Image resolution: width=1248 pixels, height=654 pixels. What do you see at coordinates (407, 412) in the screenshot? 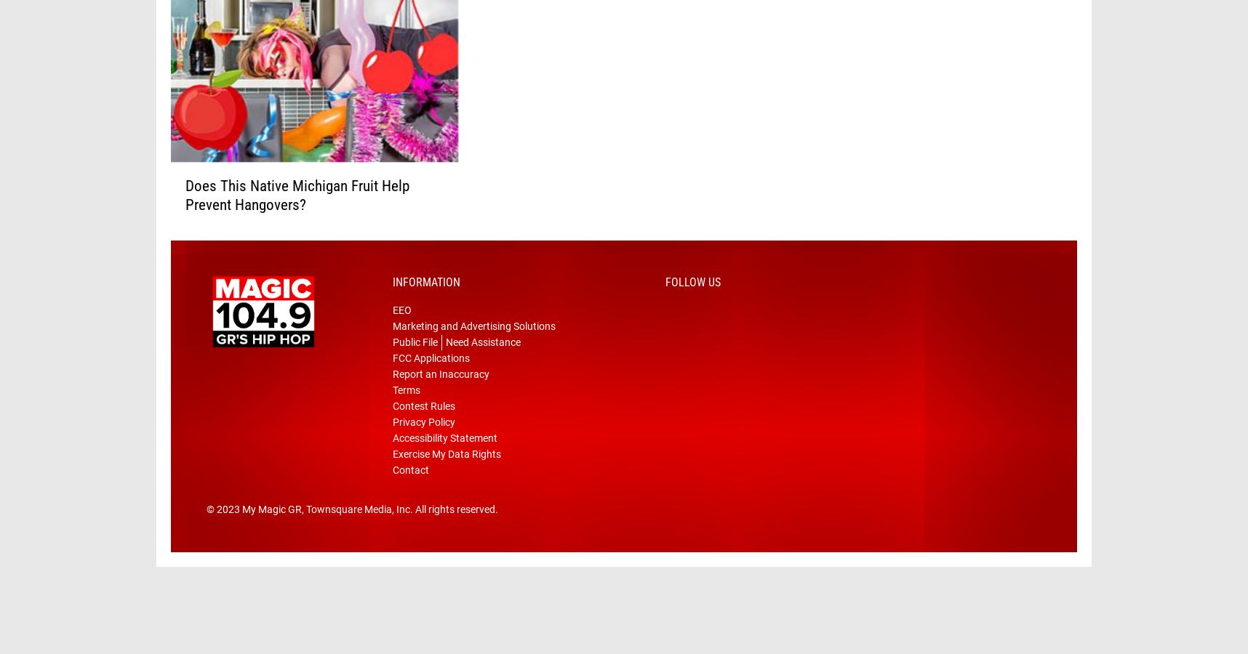
I see `'Terms'` at bounding box center [407, 412].